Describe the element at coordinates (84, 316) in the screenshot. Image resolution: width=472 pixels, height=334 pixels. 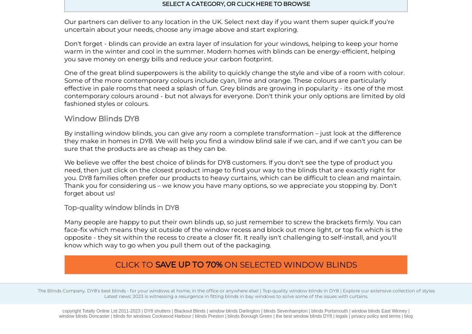
I see `'window blinds Doncaster'` at that location.